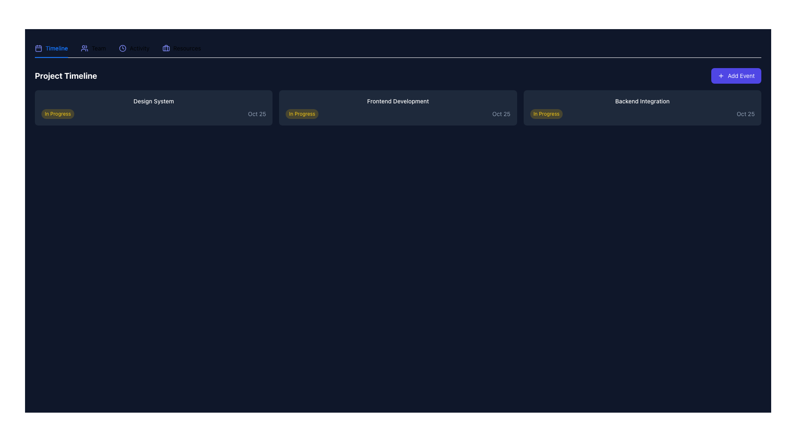  What do you see at coordinates (122, 48) in the screenshot?
I see `the decorative 'Activity' icon located in the top navigation bar, positioned to the left of the 'Activity' label` at bounding box center [122, 48].